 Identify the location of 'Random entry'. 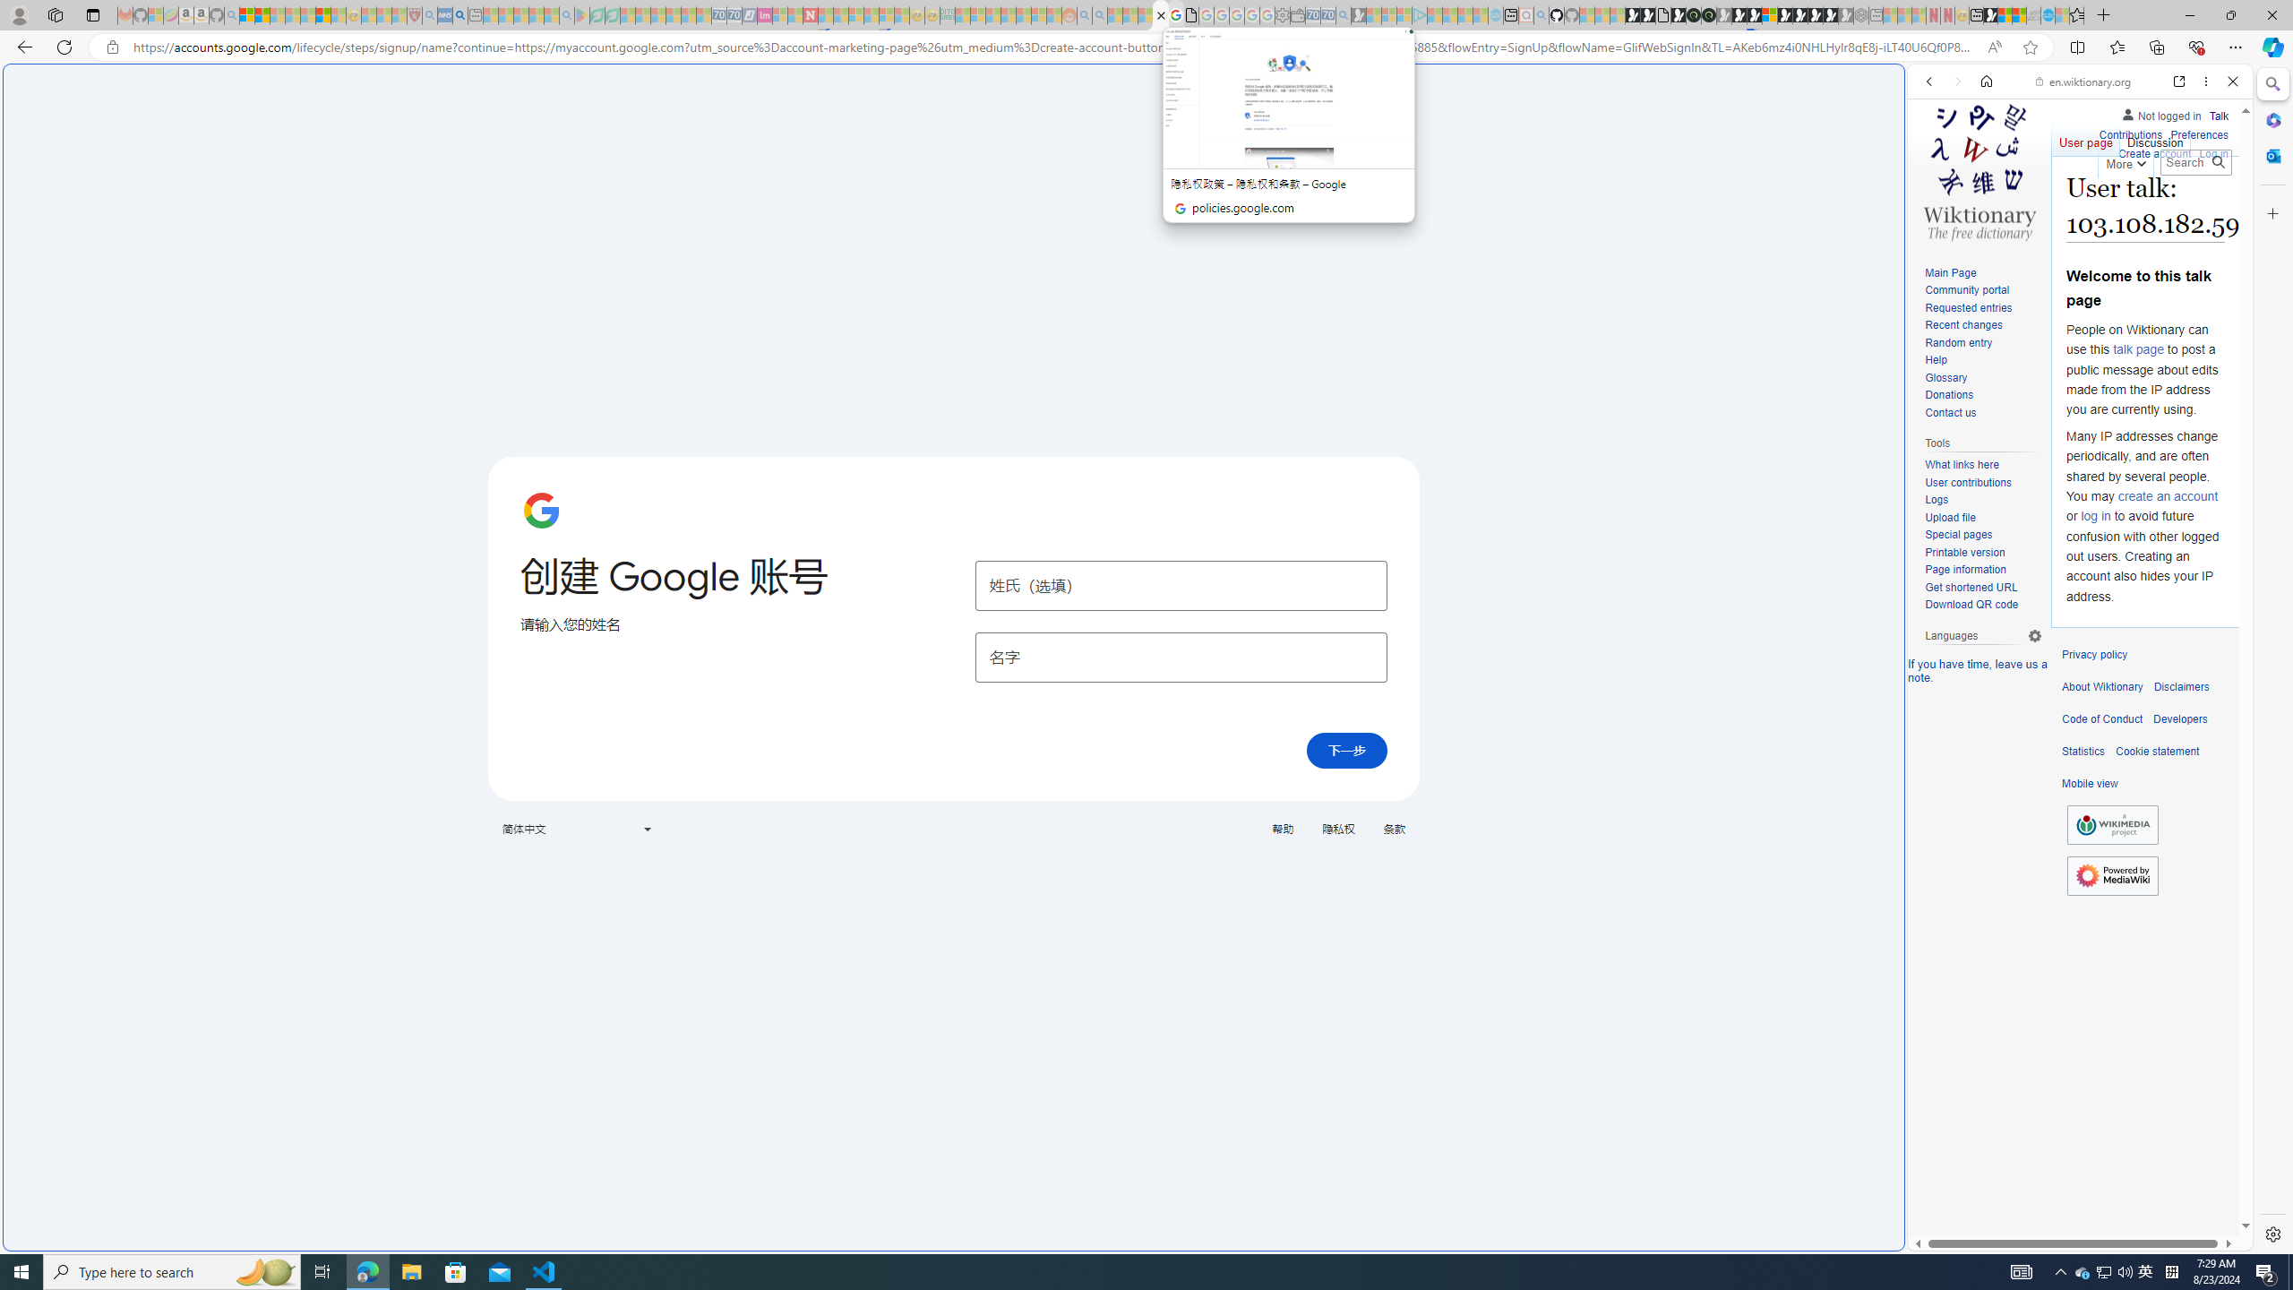
(1982, 342).